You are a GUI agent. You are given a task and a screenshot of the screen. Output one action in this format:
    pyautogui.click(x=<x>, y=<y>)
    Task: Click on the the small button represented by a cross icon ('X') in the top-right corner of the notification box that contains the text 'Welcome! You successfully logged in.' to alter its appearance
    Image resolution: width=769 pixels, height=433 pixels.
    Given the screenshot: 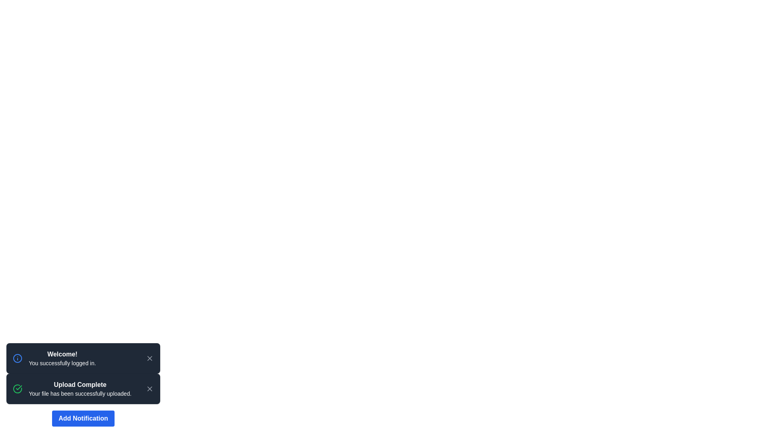 What is the action you would take?
    pyautogui.click(x=150, y=358)
    